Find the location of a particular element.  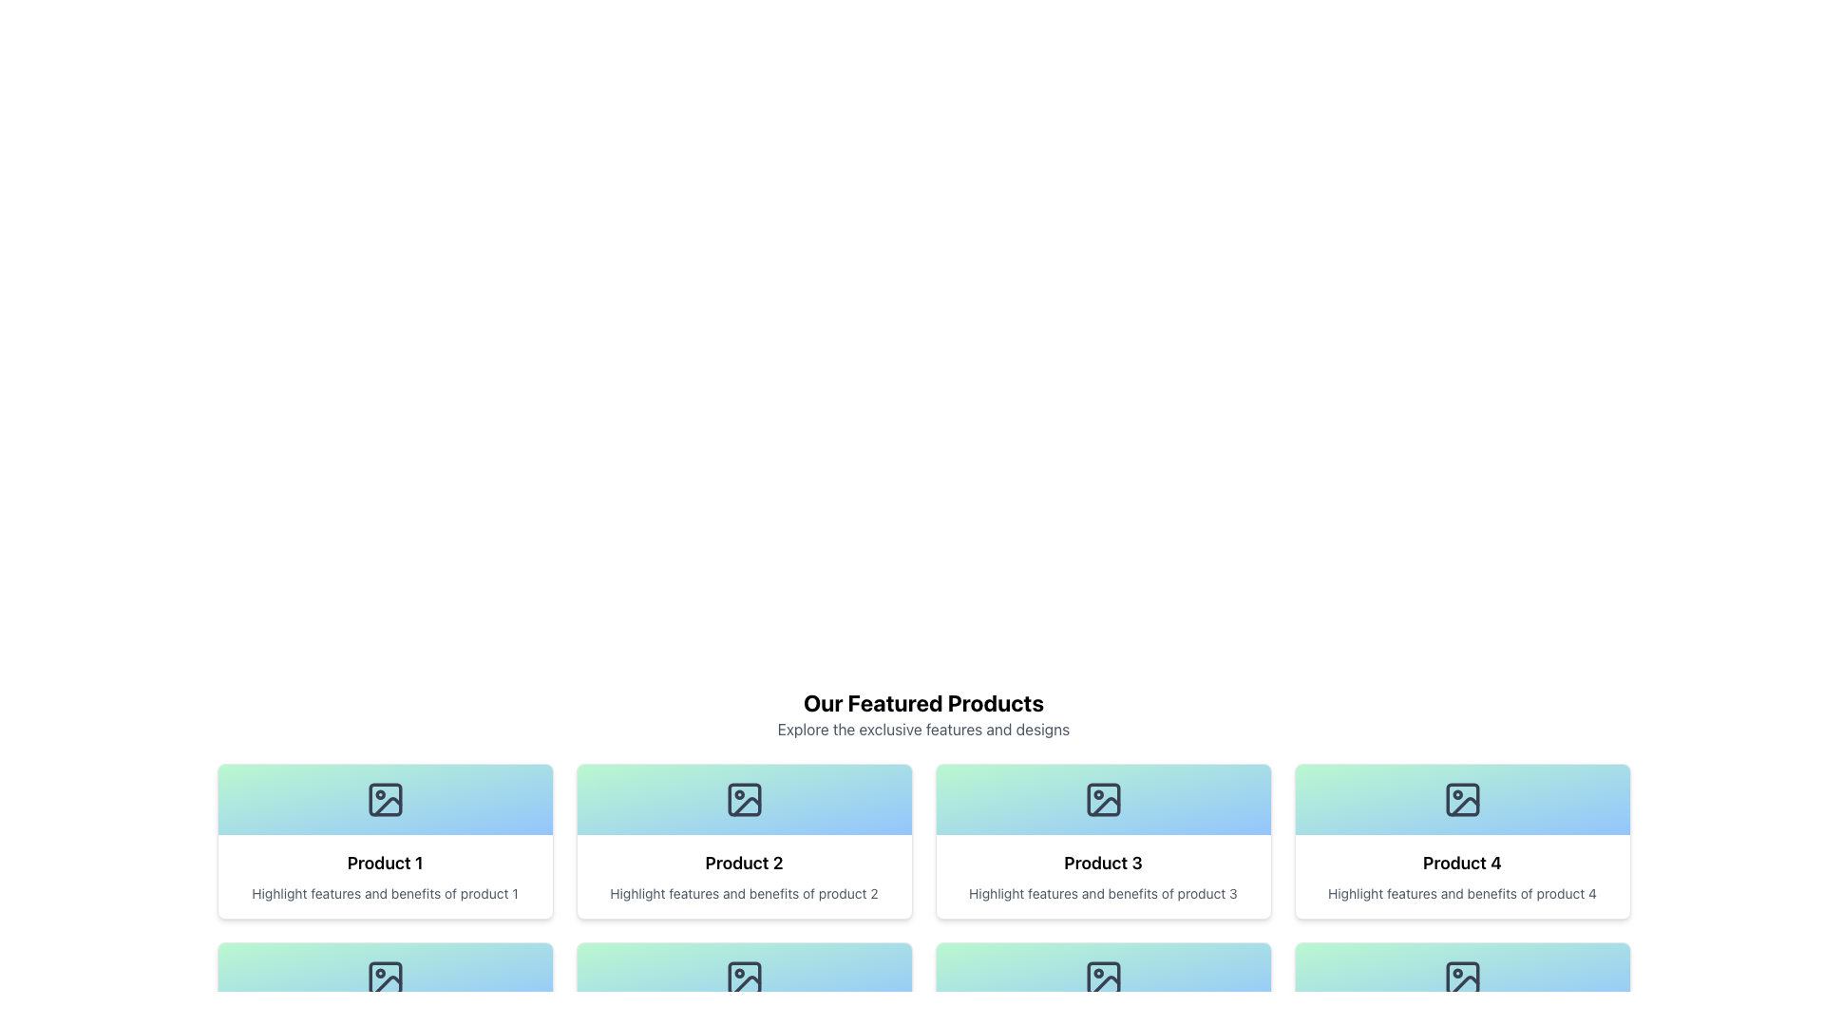

the icon representing 'Product 3' located in the grid layout under 'Our Featured Products' is located at coordinates (1103, 799).